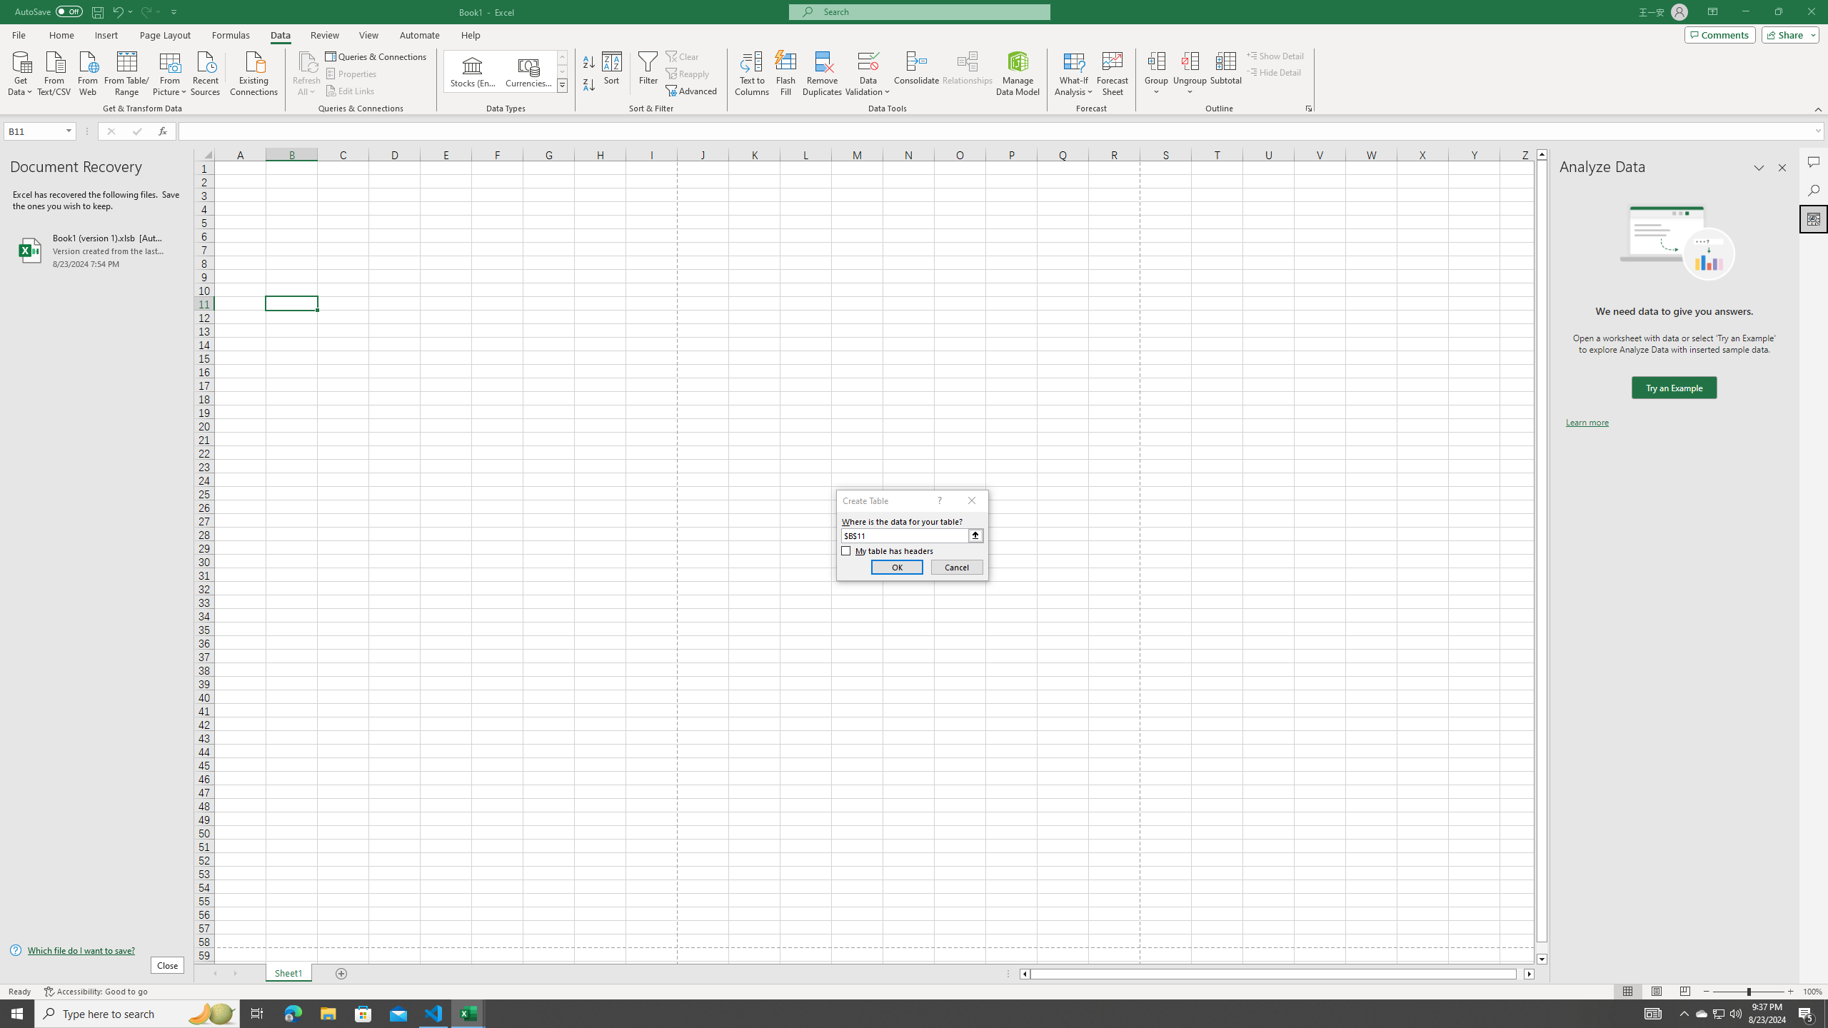  What do you see at coordinates (1778, 11) in the screenshot?
I see `'Restore Down'` at bounding box center [1778, 11].